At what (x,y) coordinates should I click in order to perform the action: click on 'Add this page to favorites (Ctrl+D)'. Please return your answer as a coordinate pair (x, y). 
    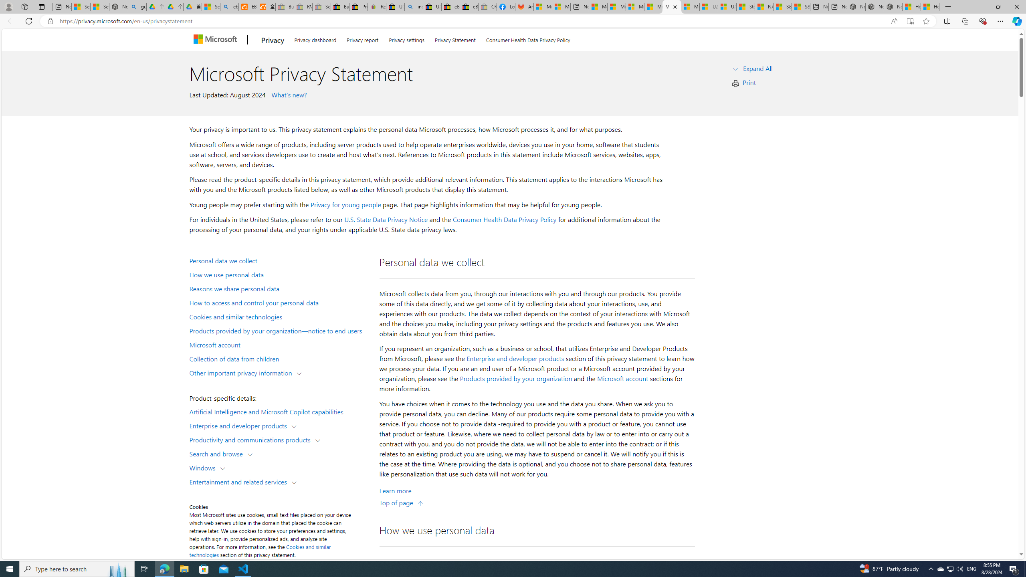
    Looking at the image, I should click on (926, 21).